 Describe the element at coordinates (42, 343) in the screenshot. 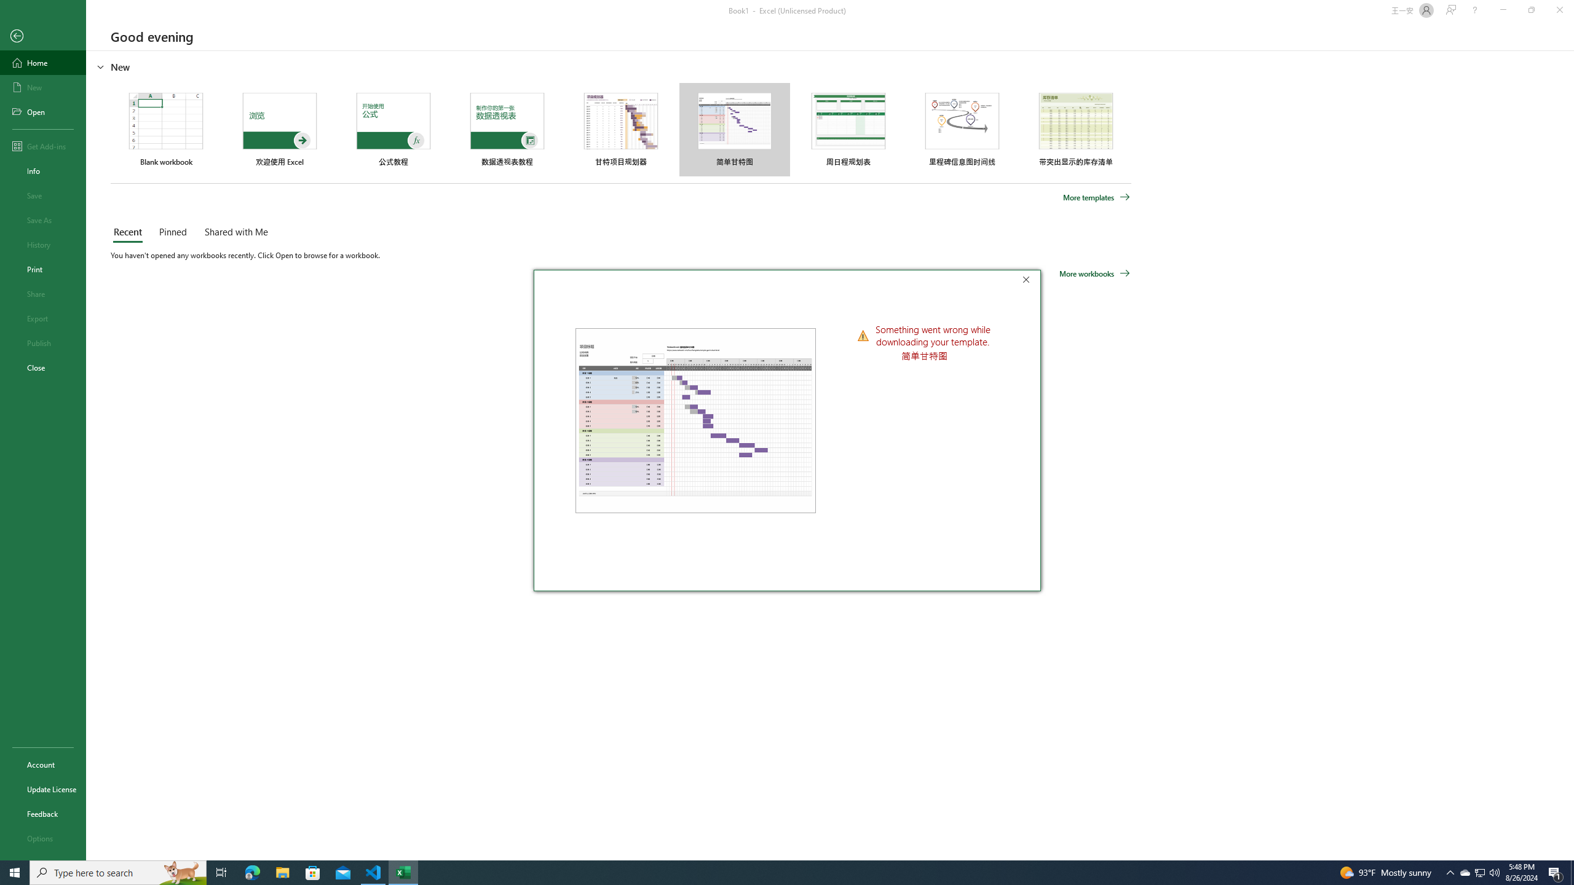

I see `'Publish'` at that location.